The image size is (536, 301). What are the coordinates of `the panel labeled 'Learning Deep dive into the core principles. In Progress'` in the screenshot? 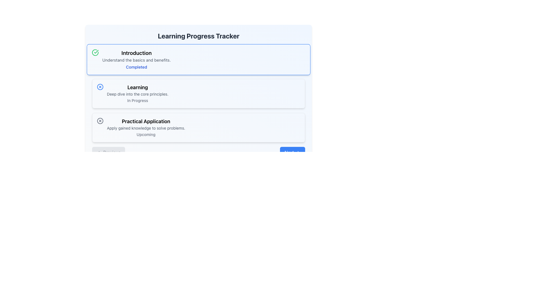 It's located at (198, 85).